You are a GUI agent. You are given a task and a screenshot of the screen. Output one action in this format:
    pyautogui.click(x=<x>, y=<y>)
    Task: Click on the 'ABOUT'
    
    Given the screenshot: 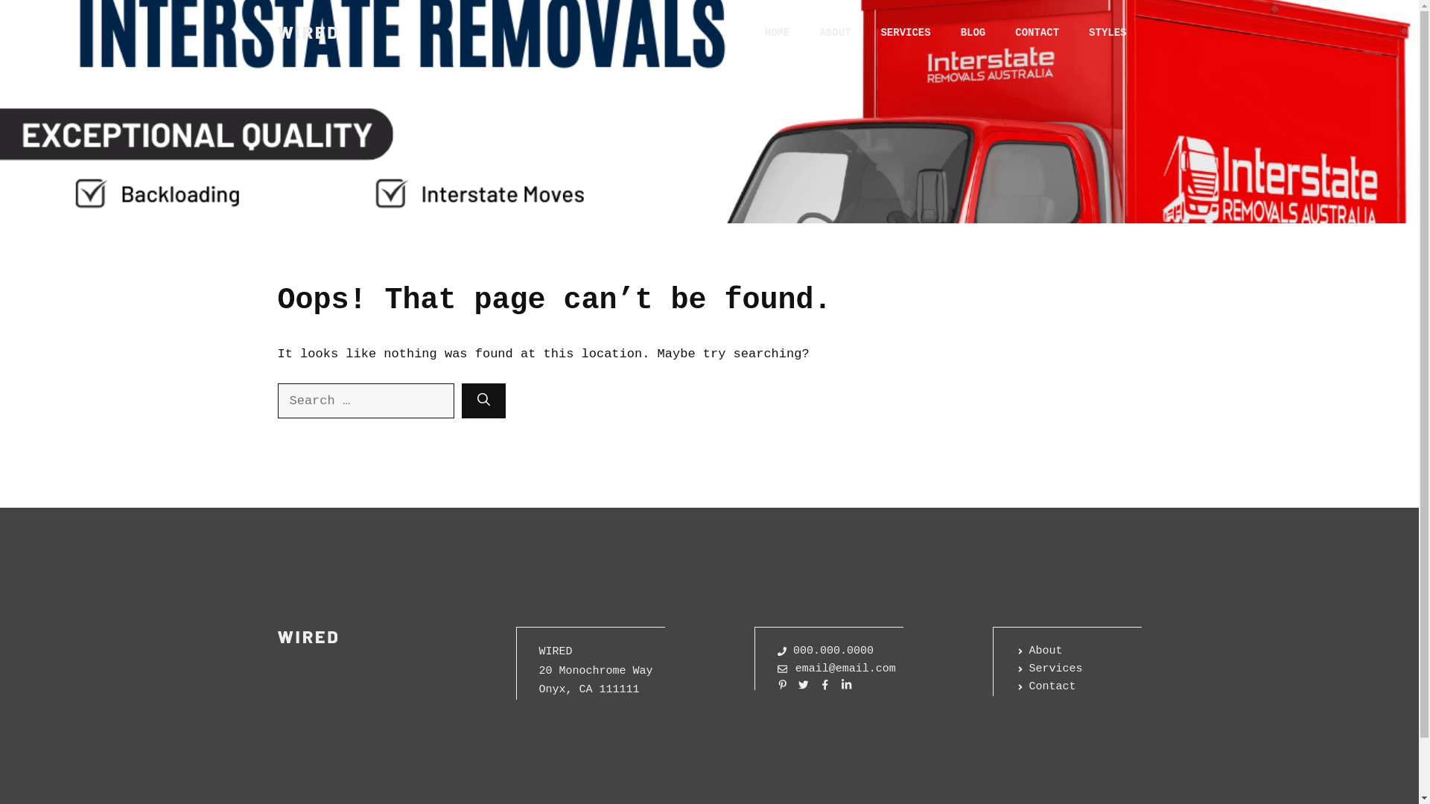 What is the action you would take?
    pyautogui.click(x=835, y=32)
    